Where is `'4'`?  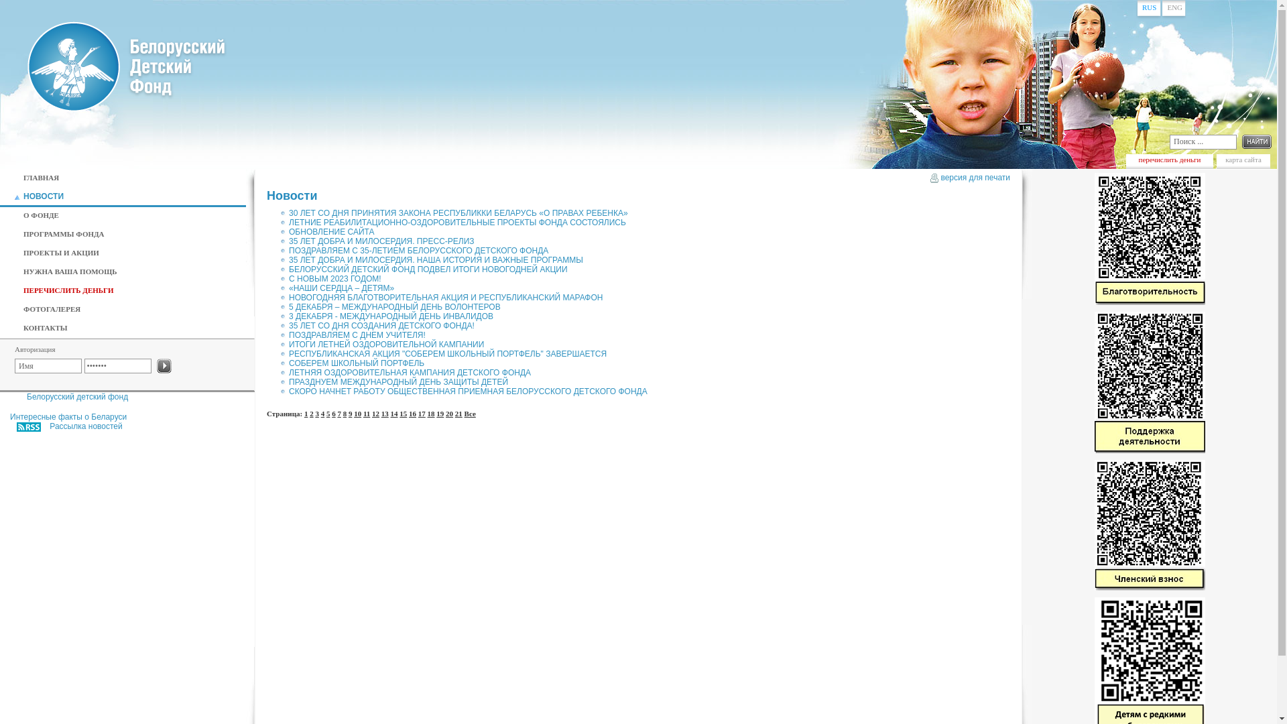
'4' is located at coordinates (322, 410).